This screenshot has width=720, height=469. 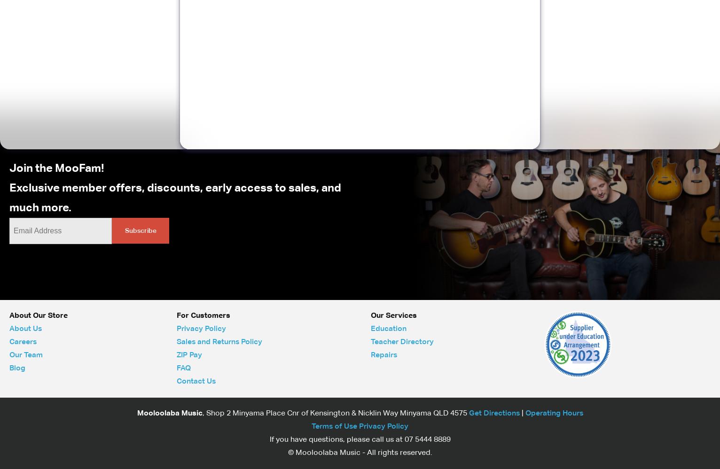 What do you see at coordinates (388, 328) in the screenshot?
I see `'Education'` at bounding box center [388, 328].